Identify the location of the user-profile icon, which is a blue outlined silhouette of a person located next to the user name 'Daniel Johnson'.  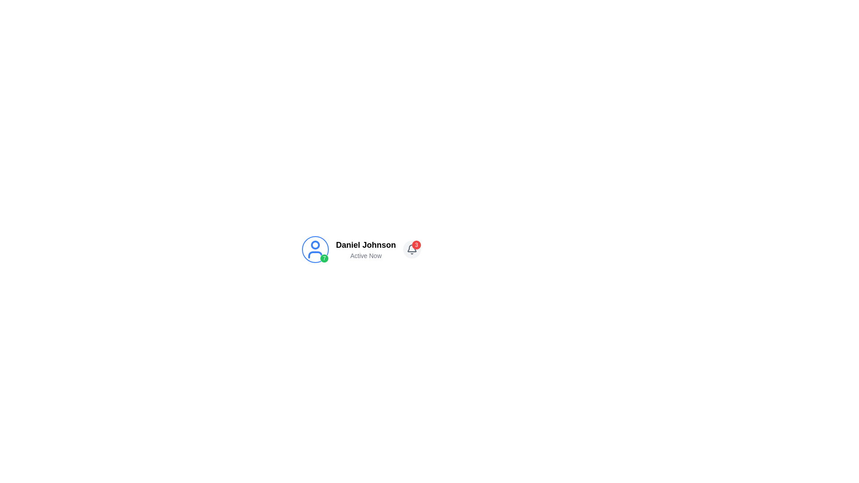
(315, 250).